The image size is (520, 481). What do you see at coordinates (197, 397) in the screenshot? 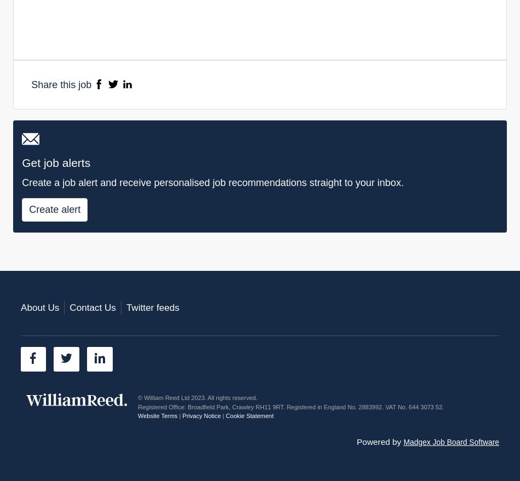
I see `'© William Reed Ltd 2023. All rights reserved.'` at bounding box center [197, 397].